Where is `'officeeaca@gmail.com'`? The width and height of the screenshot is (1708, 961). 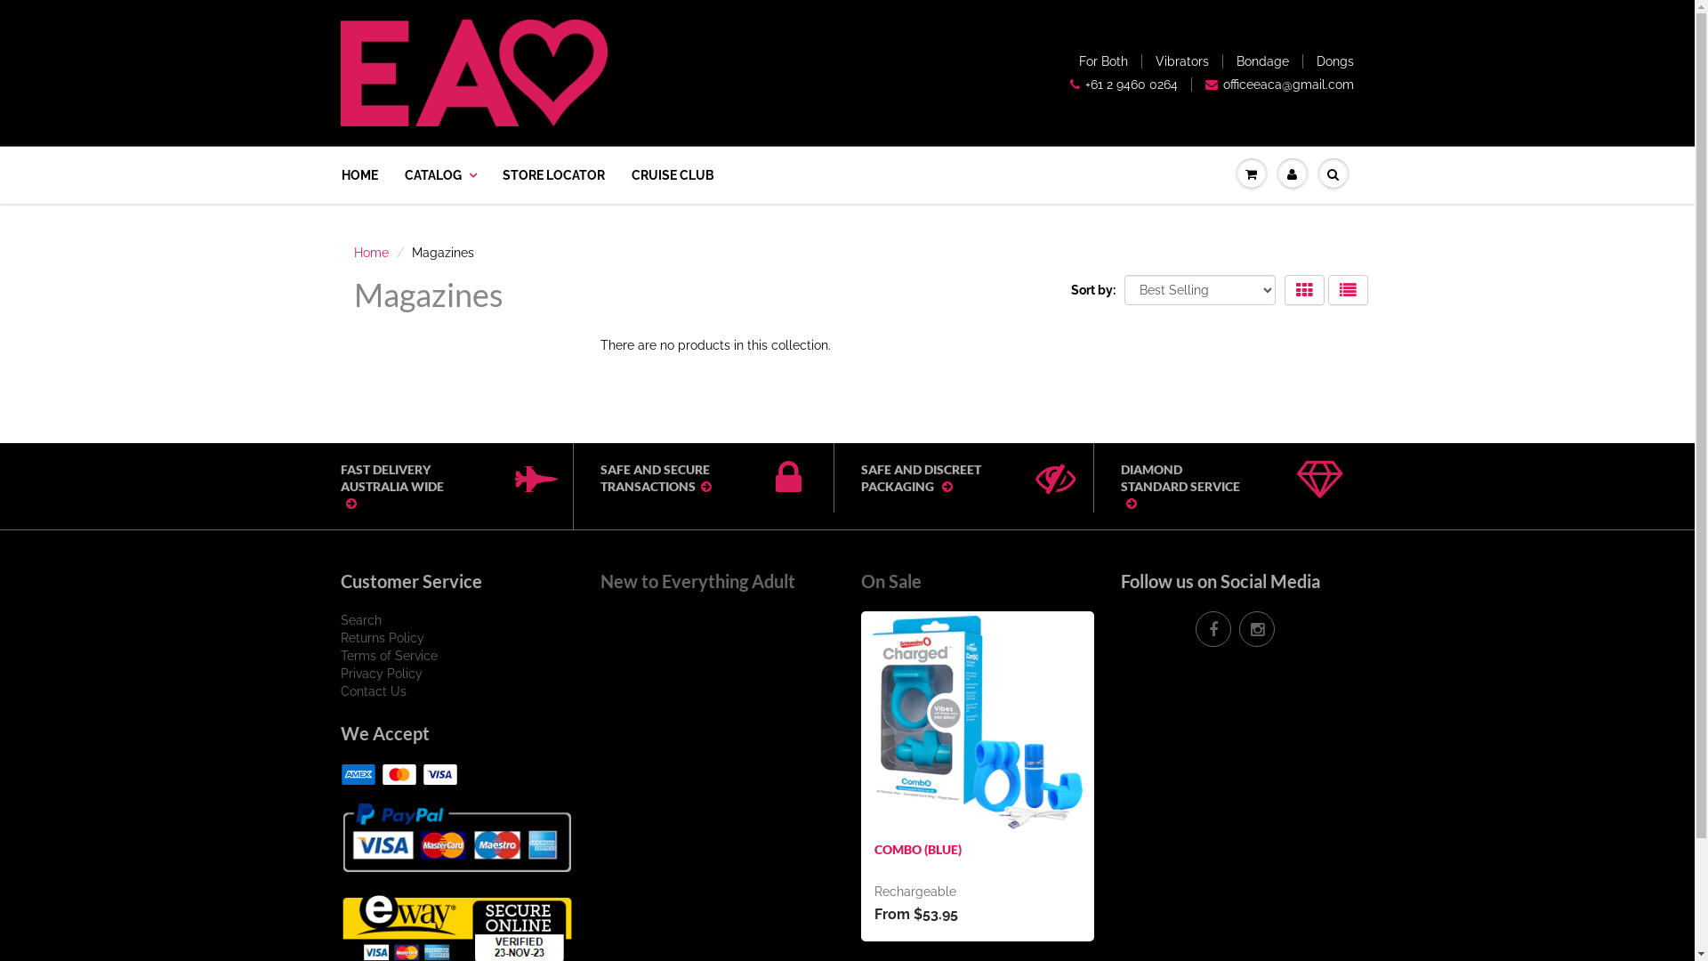
'officeeaca@gmail.com' is located at coordinates (1278, 85).